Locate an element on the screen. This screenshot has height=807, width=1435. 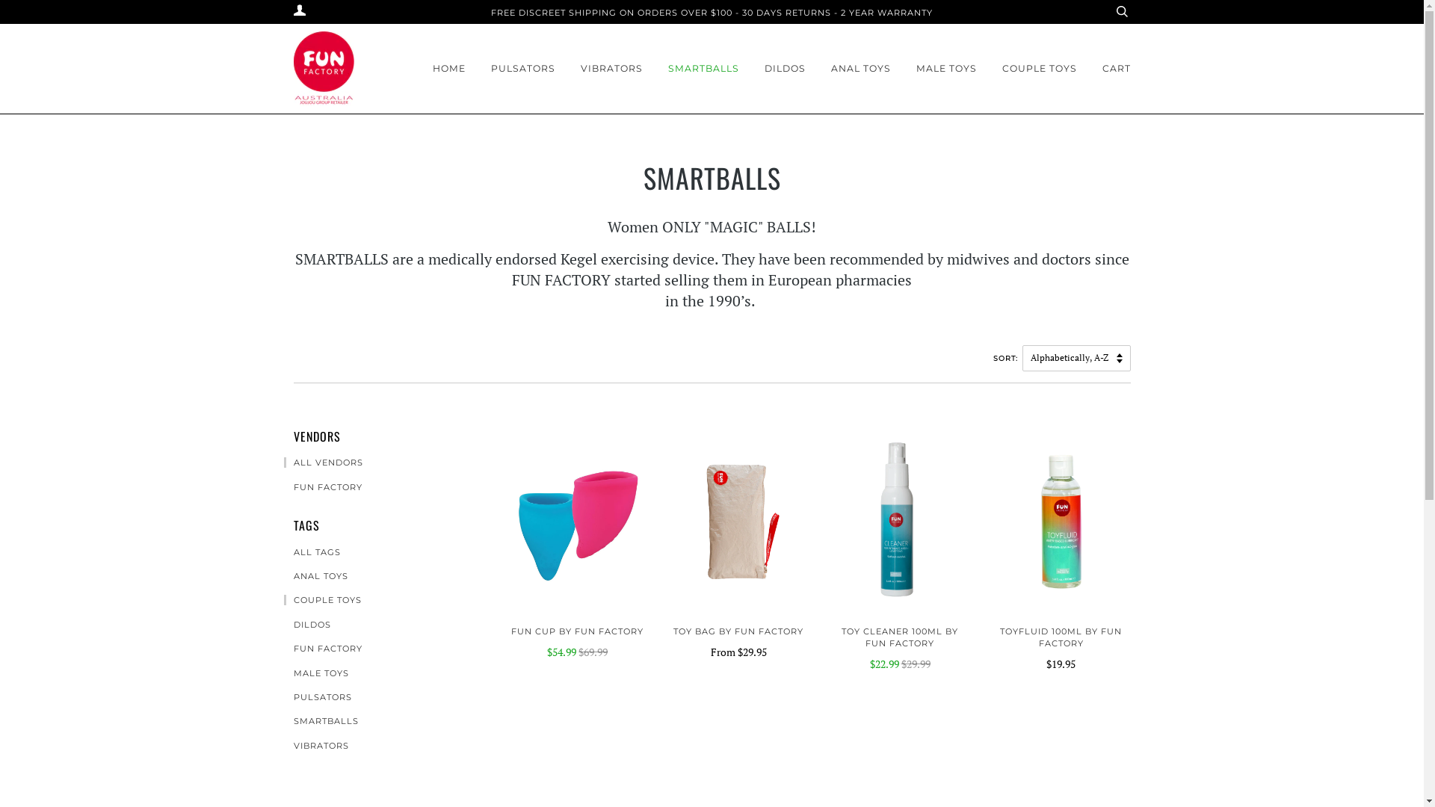
'COUPLE TOYS' is located at coordinates (1038, 69).